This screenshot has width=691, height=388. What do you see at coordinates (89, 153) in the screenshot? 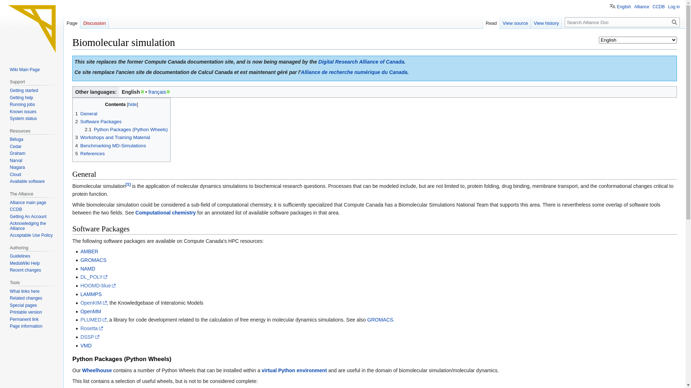
I see `'5 References'` at bounding box center [89, 153].